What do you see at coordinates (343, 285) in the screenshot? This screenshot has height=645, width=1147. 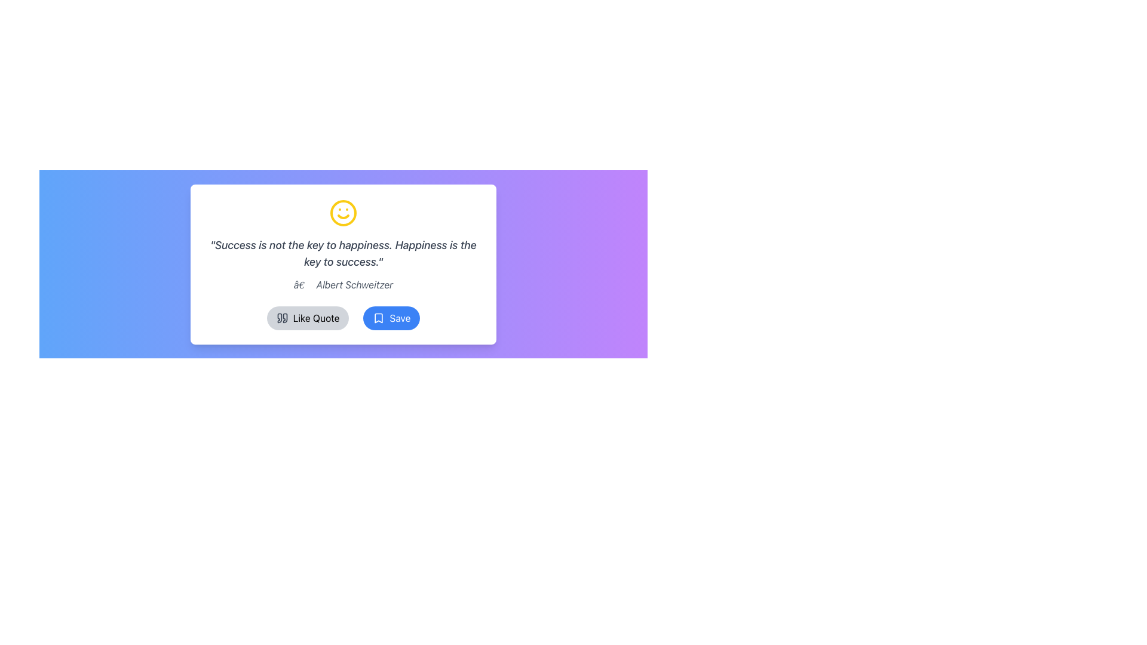 I see `text display block that shows the quote attribution '— Albert Schweitzer', styled in gray and located below the main quote text` at bounding box center [343, 285].